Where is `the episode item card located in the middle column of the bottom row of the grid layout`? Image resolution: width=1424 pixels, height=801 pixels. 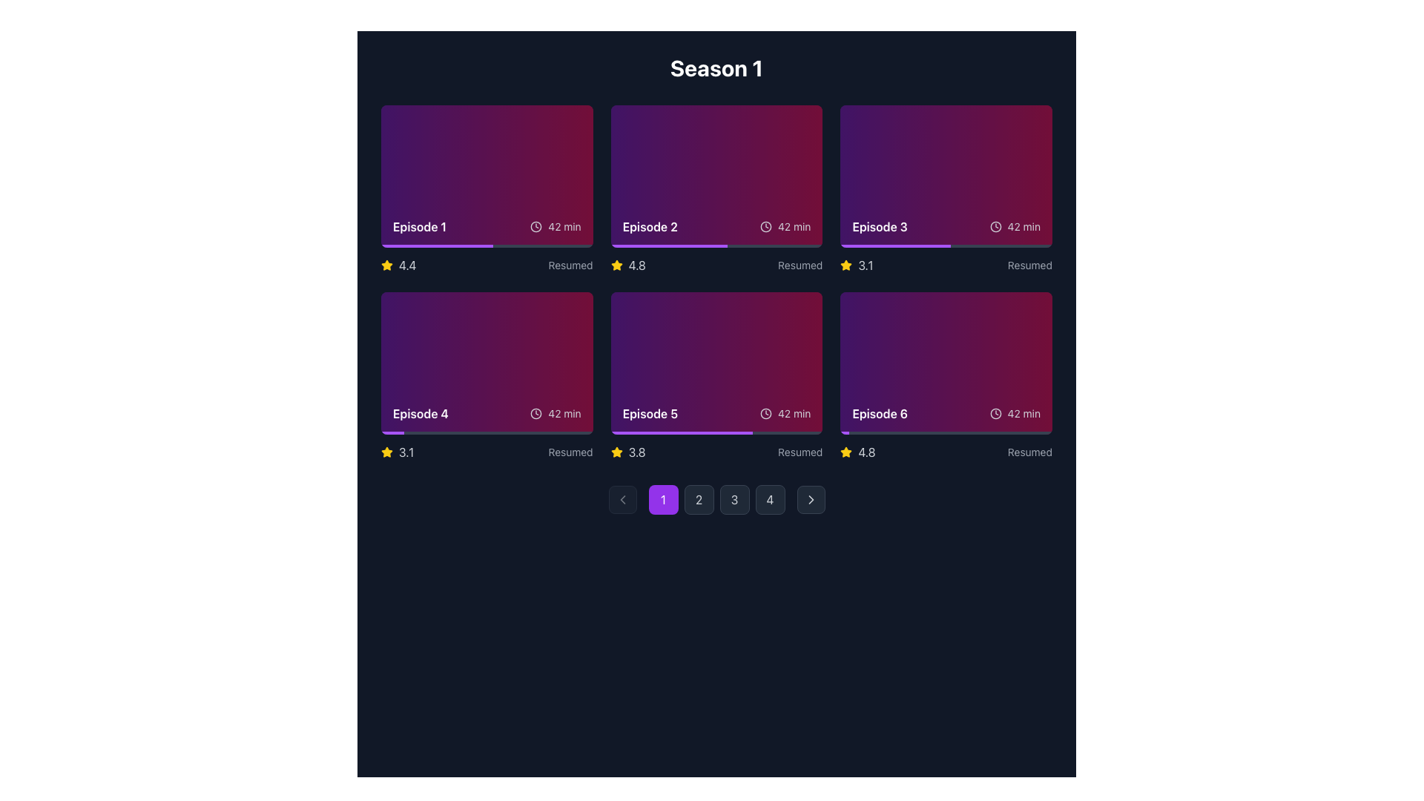
the episode item card located in the middle column of the bottom row of the grid layout is located at coordinates (716, 363).